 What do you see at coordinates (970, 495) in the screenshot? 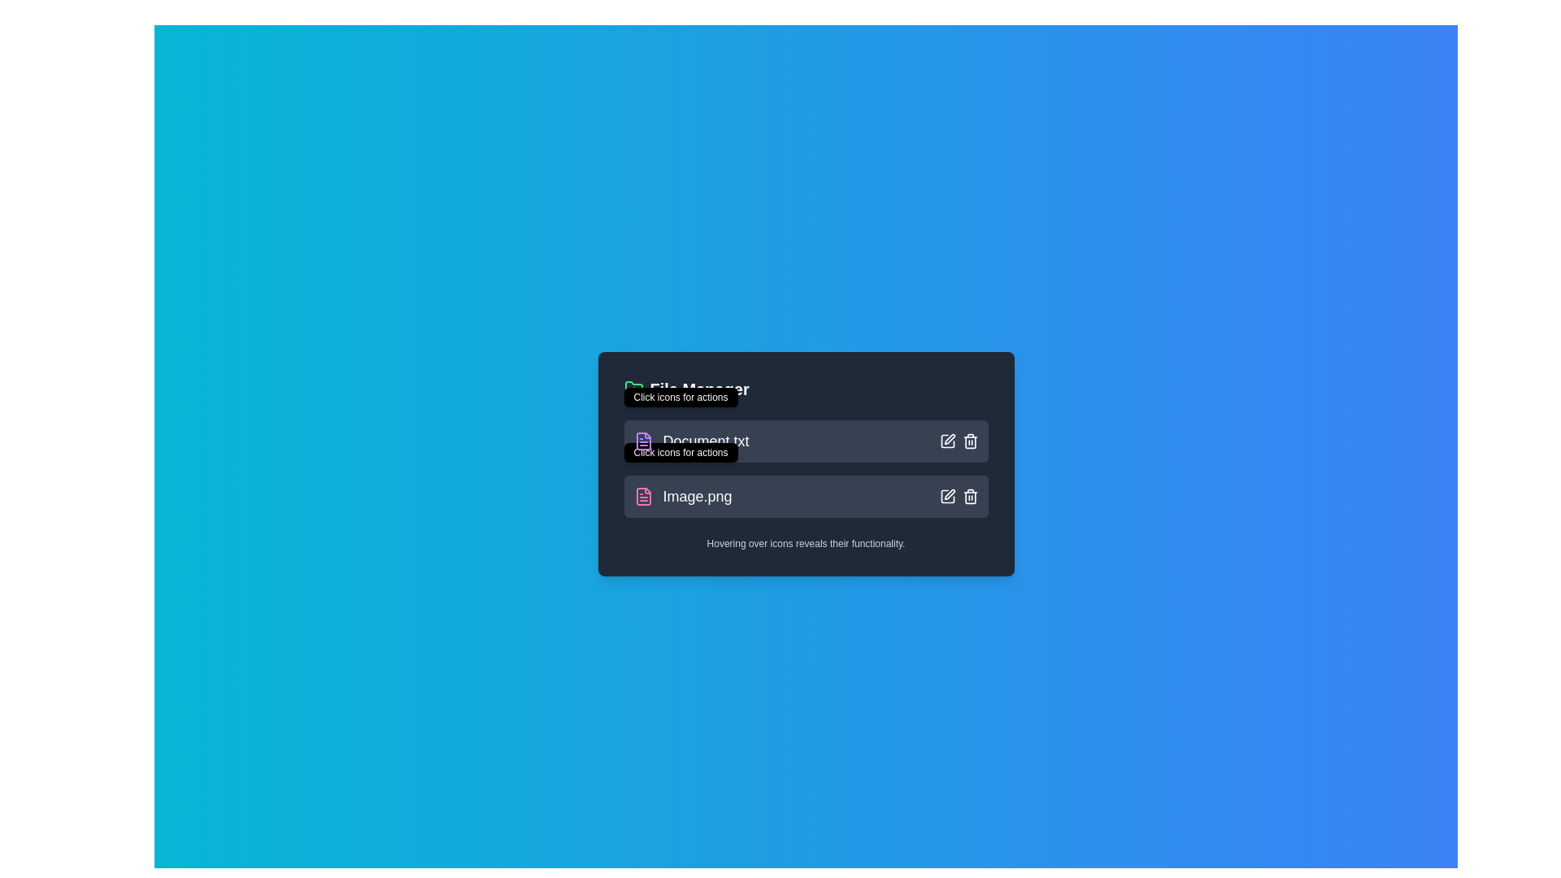
I see `the delete icon button located as the rightmost element in the second row of action icons for the item labeled 'Image.png'` at bounding box center [970, 495].